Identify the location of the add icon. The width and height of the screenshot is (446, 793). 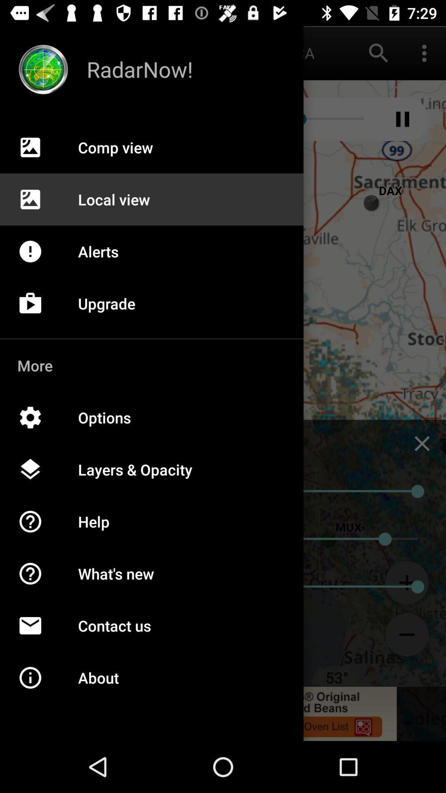
(406, 582).